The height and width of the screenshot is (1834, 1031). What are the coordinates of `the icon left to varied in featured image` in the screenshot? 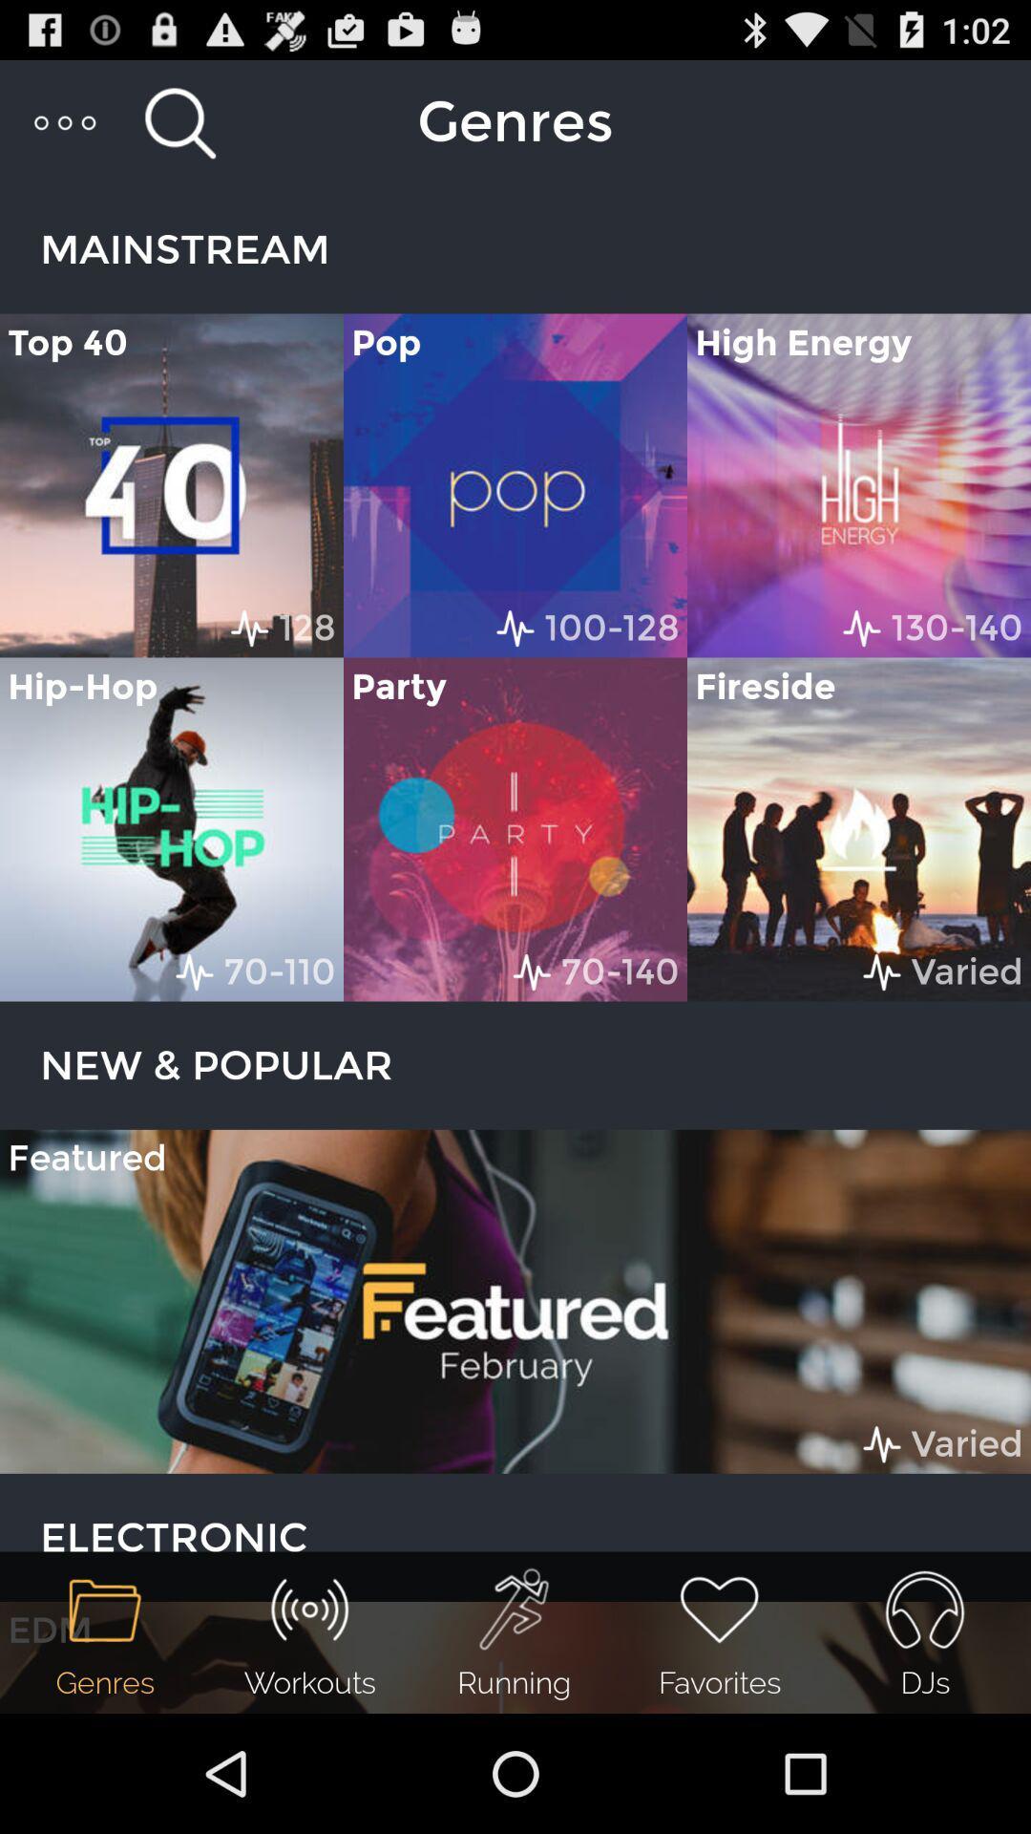 It's located at (882, 1444).